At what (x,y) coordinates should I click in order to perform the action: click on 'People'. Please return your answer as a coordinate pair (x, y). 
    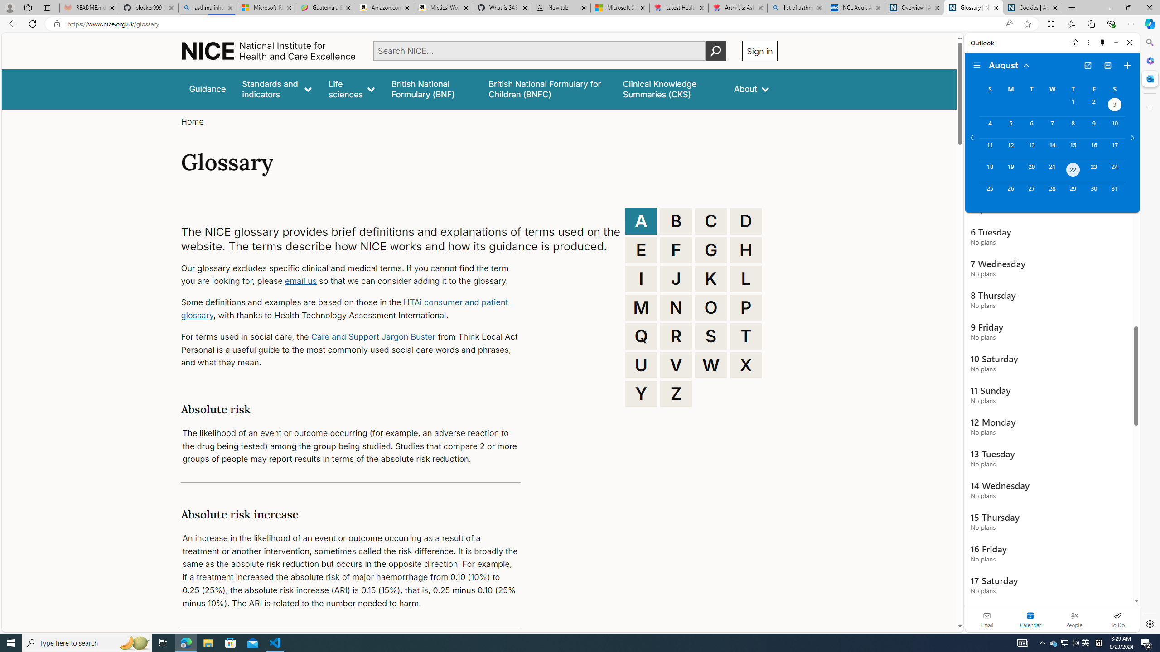
    Looking at the image, I should click on (1073, 619).